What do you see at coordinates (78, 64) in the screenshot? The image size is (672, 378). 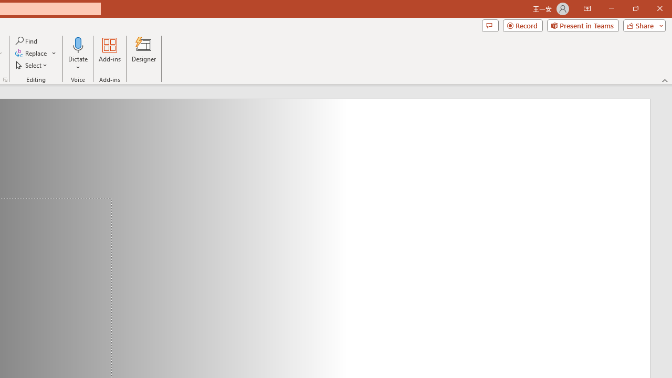 I see `'More Options'` at bounding box center [78, 64].